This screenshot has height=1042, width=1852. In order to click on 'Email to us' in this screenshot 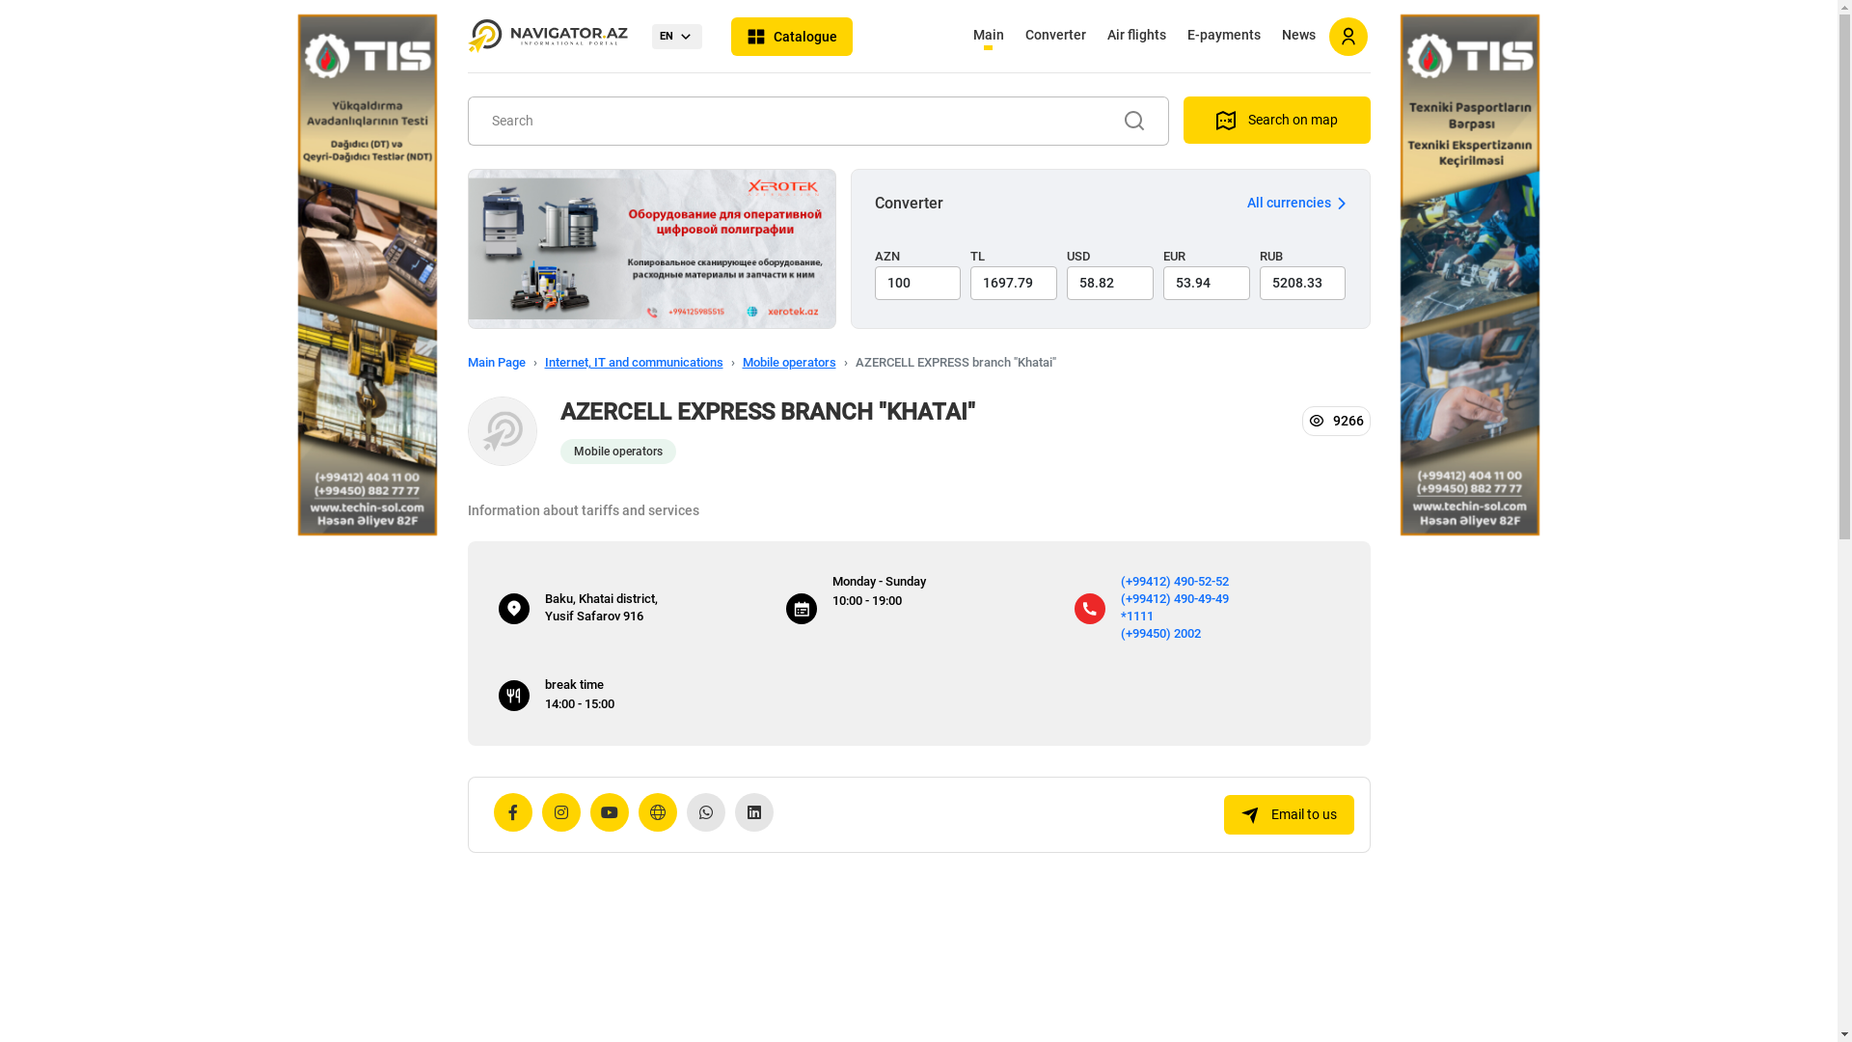, I will do `click(1288, 814)`.